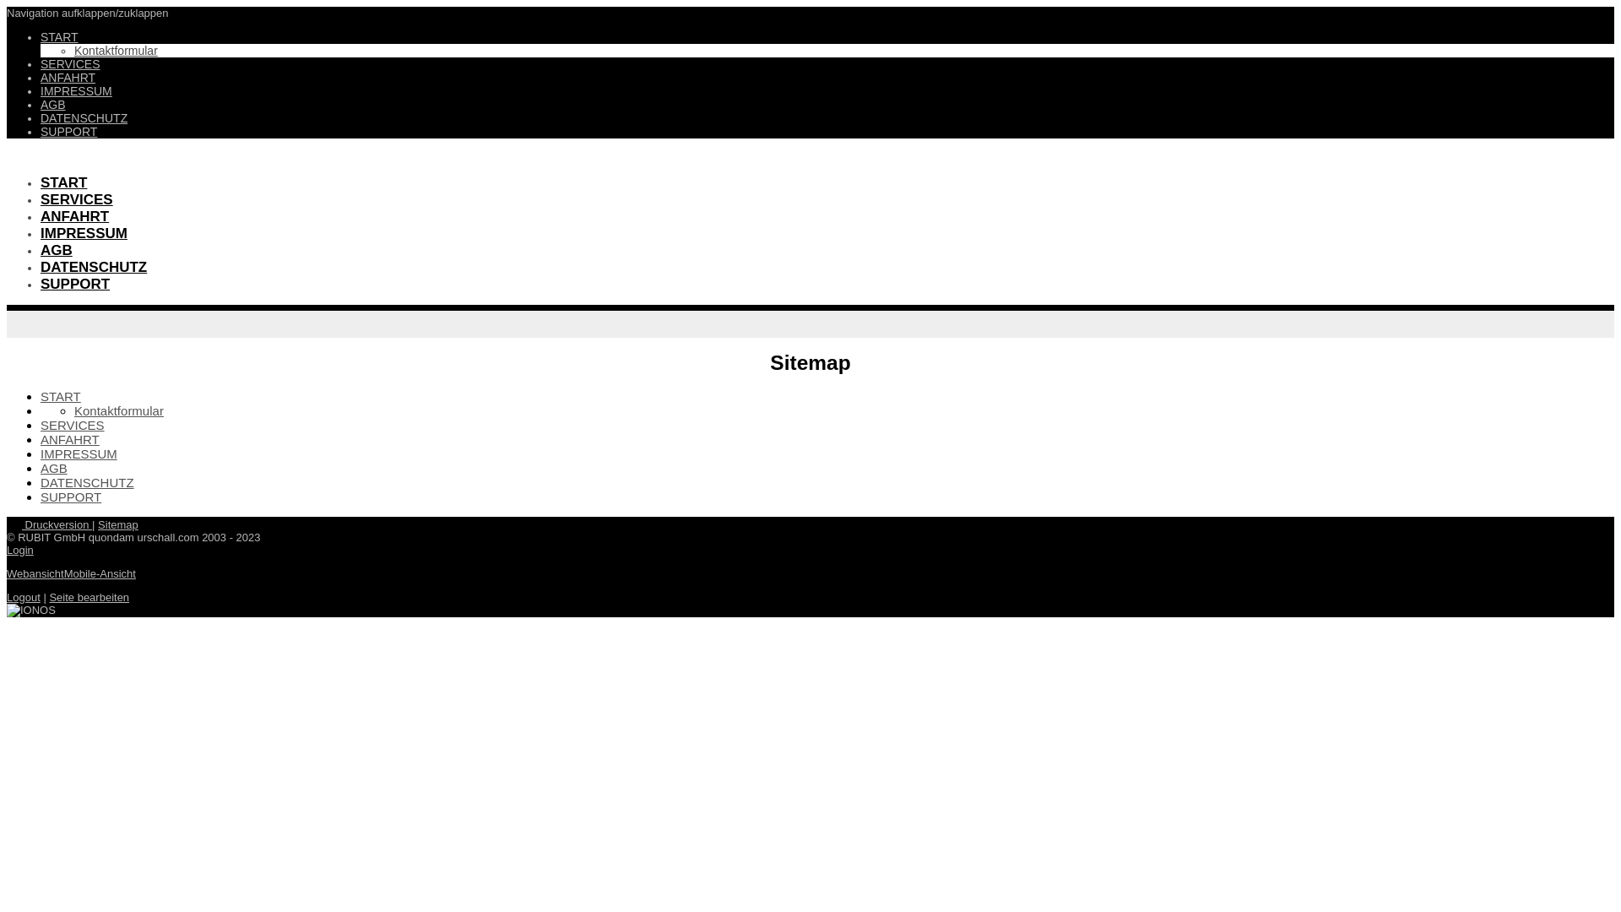 The height and width of the screenshot is (912, 1621). I want to click on 'SUPPORT', so click(74, 283).